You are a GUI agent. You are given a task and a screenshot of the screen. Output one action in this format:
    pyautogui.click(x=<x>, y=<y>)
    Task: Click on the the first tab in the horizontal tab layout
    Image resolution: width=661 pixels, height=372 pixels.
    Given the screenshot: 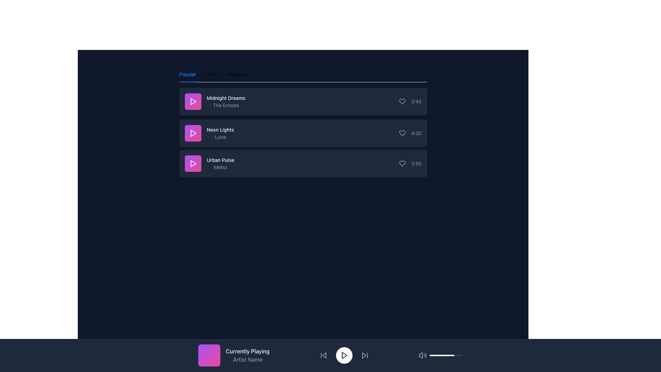 What is the action you would take?
    pyautogui.click(x=188, y=74)
    